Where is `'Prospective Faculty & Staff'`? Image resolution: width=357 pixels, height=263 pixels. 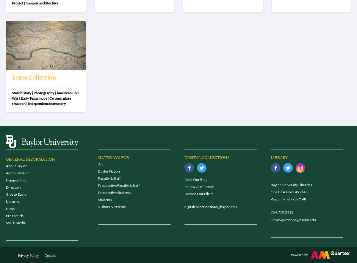 'Prospective Faculty & Staff' is located at coordinates (119, 185).